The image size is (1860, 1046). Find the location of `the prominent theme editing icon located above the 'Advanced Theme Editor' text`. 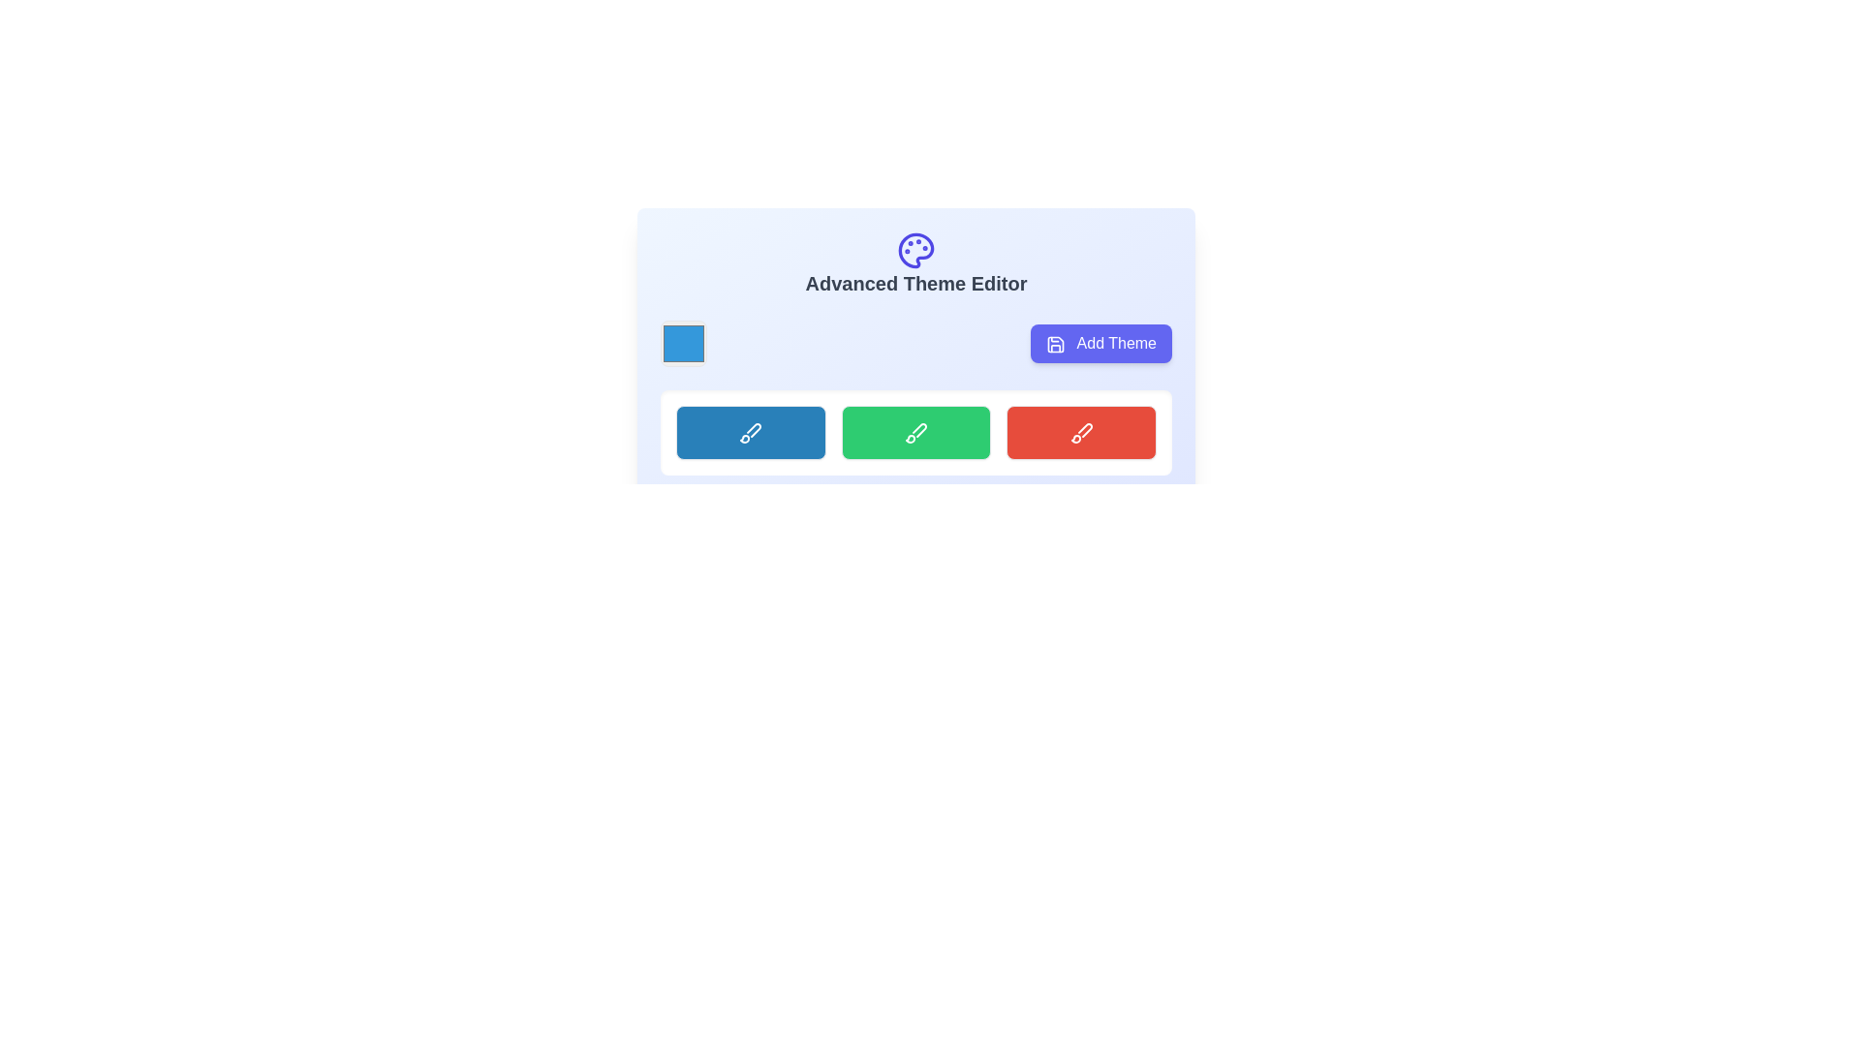

the prominent theme editing icon located above the 'Advanced Theme Editor' text is located at coordinates (914, 249).